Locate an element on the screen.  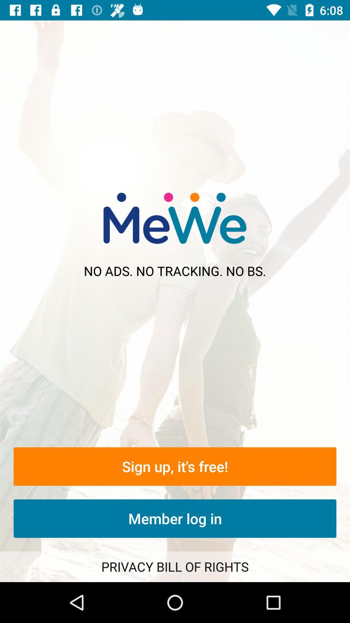
the member log in icon is located at coordinates (175, 518).